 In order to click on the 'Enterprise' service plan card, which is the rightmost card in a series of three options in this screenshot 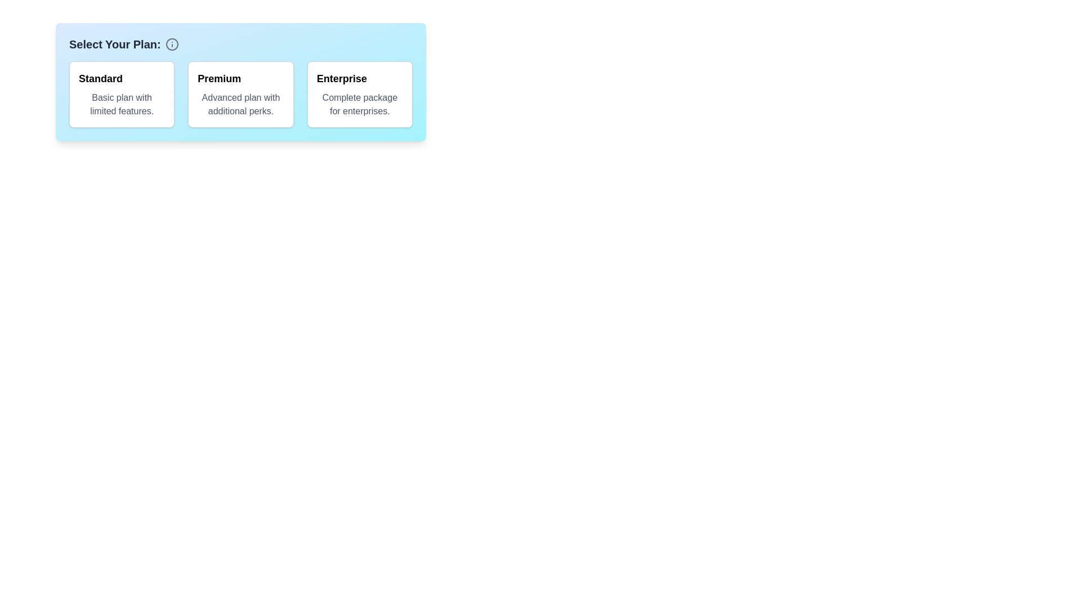, I will do `click(359, 94)`.